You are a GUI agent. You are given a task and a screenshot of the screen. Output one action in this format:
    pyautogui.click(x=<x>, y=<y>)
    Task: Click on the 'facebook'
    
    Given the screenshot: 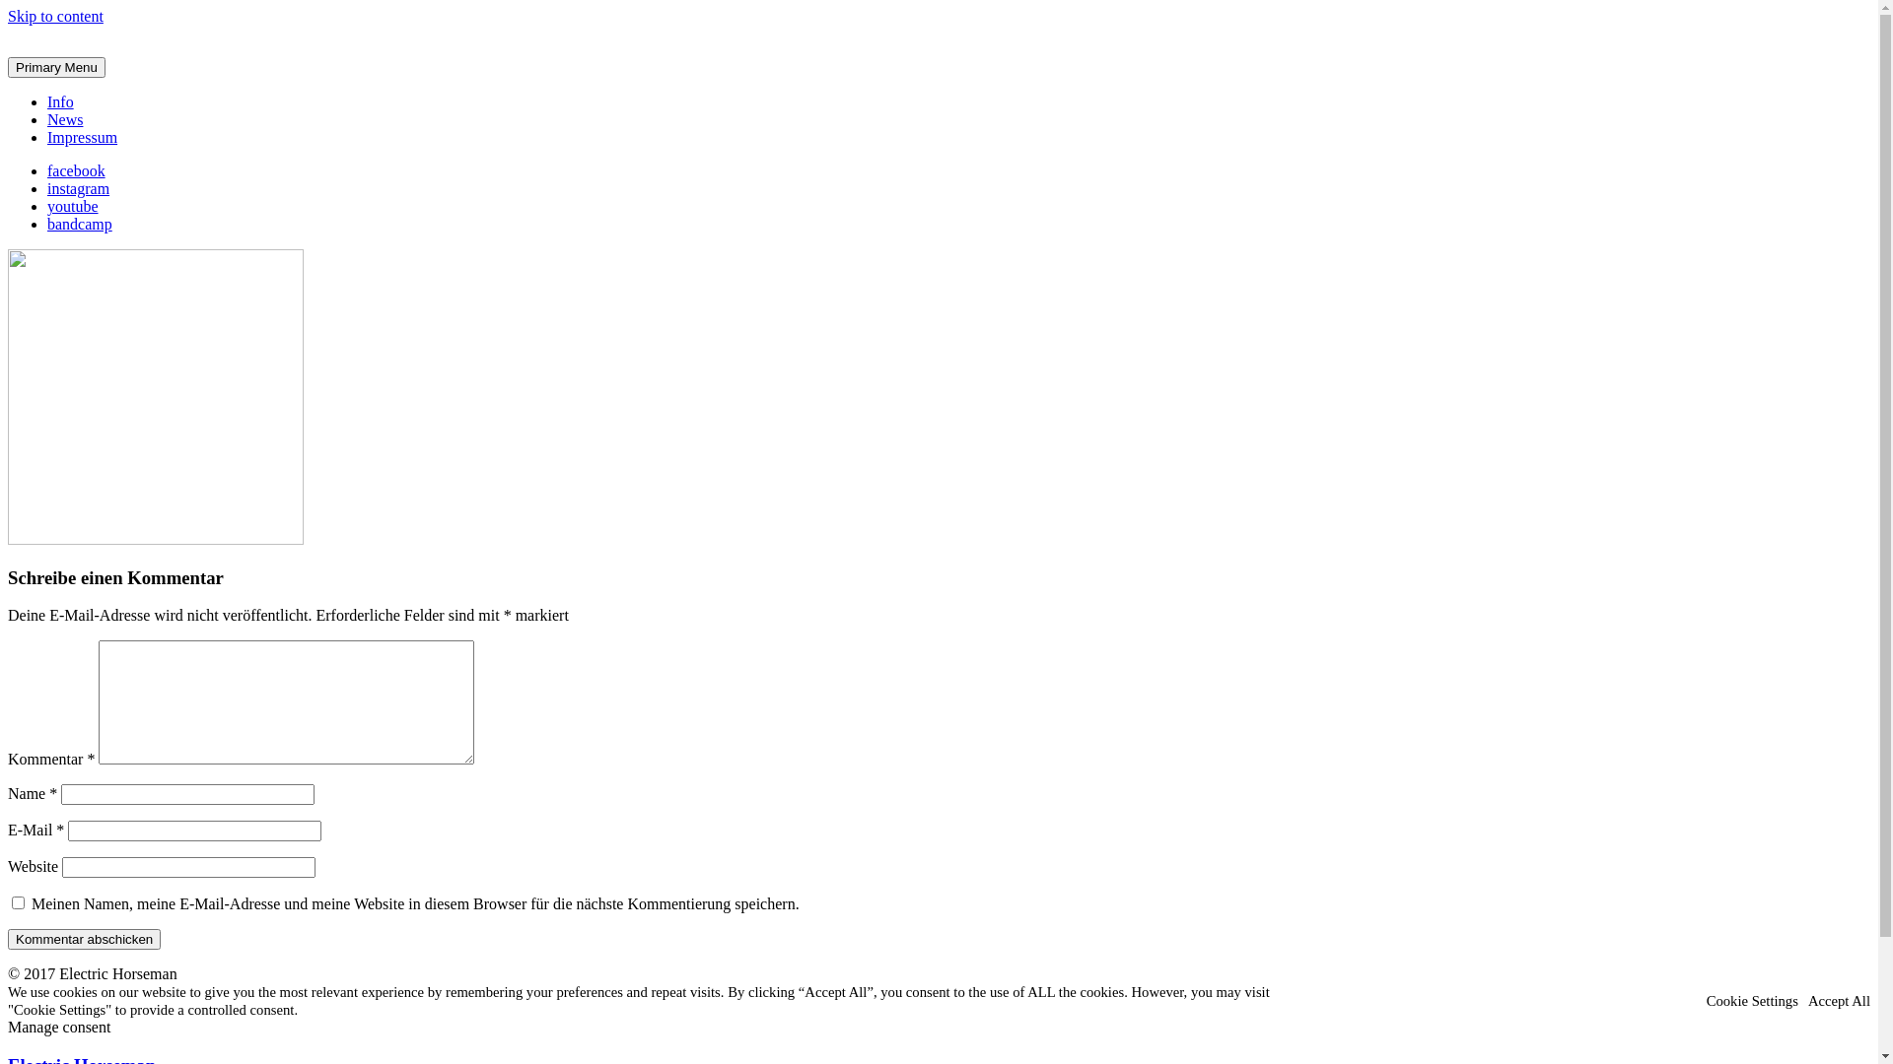 What is the action you would take?
    pyautogui.click(x=81, y=169)
    